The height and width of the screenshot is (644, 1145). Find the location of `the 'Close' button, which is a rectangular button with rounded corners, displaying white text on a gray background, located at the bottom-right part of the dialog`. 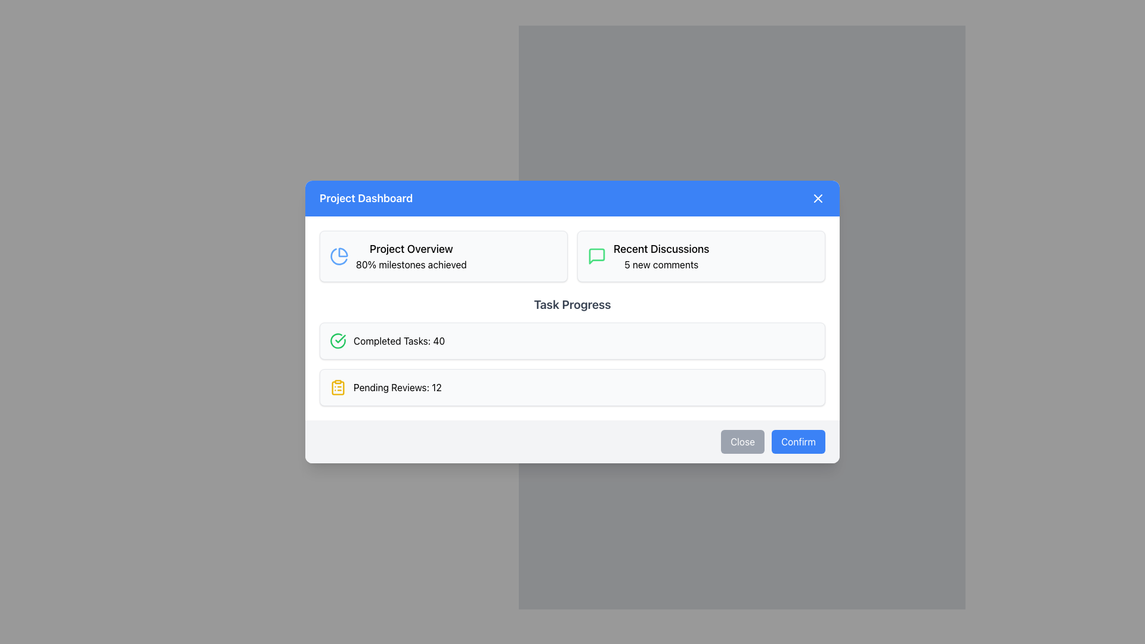

the 'Close' button, which is a rectangular button with rounded corners, displaying white text on a gray background, located at the bottom-right part of the dialog is located at coordinates (742, 441).